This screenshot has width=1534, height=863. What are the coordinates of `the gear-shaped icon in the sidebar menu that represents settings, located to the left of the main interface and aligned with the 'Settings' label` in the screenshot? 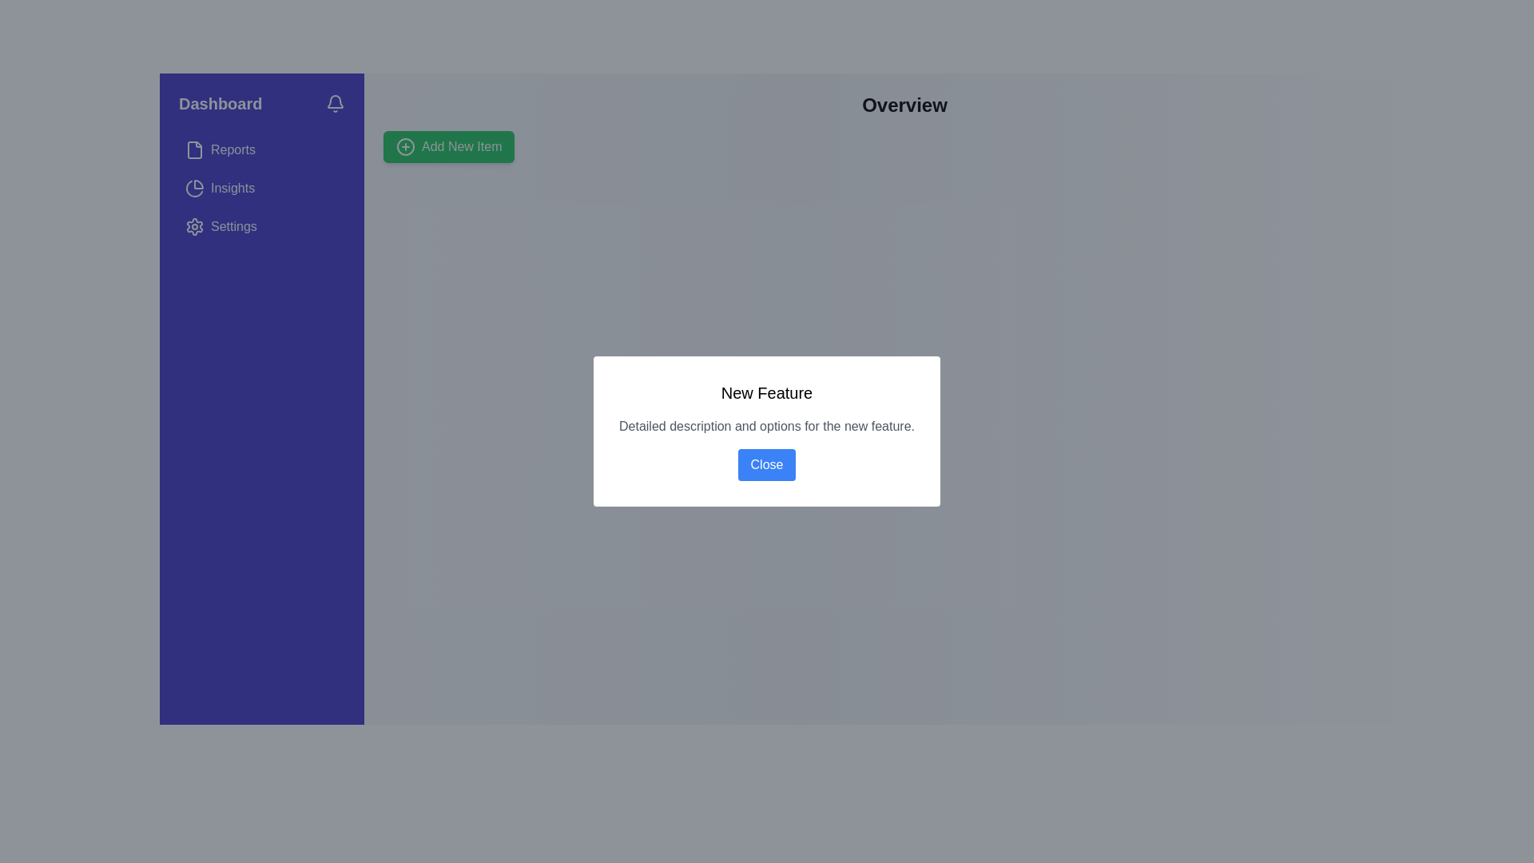 It's located at (194, 227).